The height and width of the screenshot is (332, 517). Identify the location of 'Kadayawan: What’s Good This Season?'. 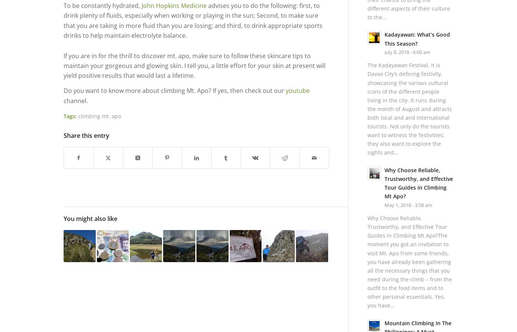
(416, 39).